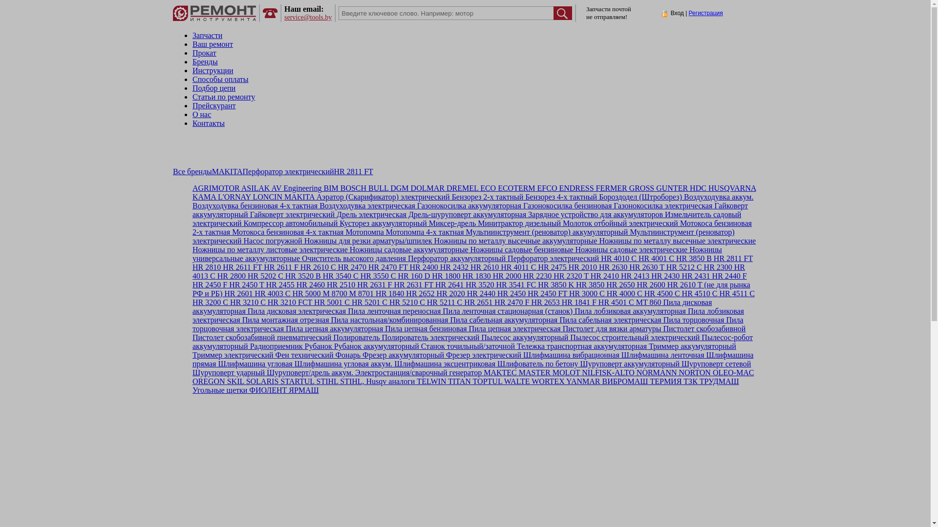 The width and height of the screenshot is (938, 527). I want to click on 'SOLARIS', so click(261, 381).